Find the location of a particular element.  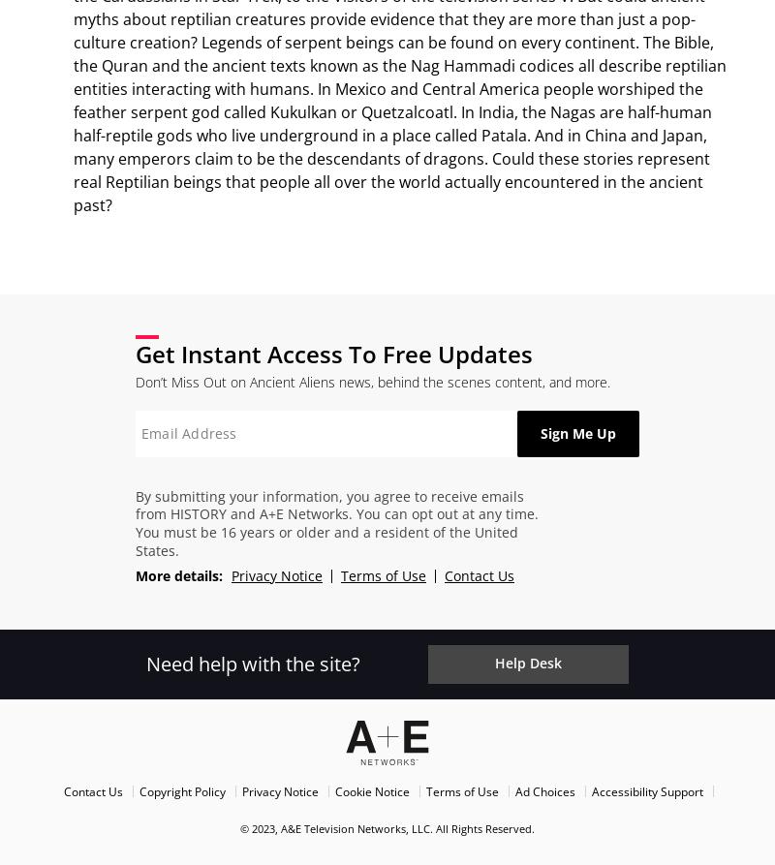

'Ad Choices' is located at coordinates (544, 789).